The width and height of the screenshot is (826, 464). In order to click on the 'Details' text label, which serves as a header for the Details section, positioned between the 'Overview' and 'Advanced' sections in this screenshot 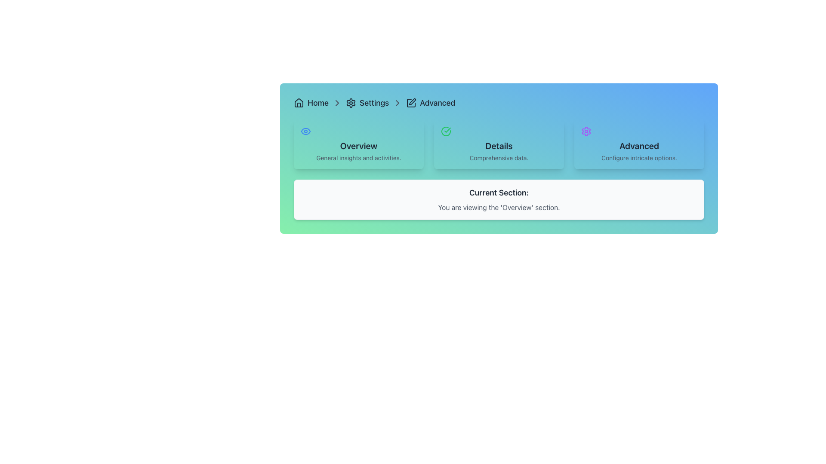, I will do `click(499, 145)`.